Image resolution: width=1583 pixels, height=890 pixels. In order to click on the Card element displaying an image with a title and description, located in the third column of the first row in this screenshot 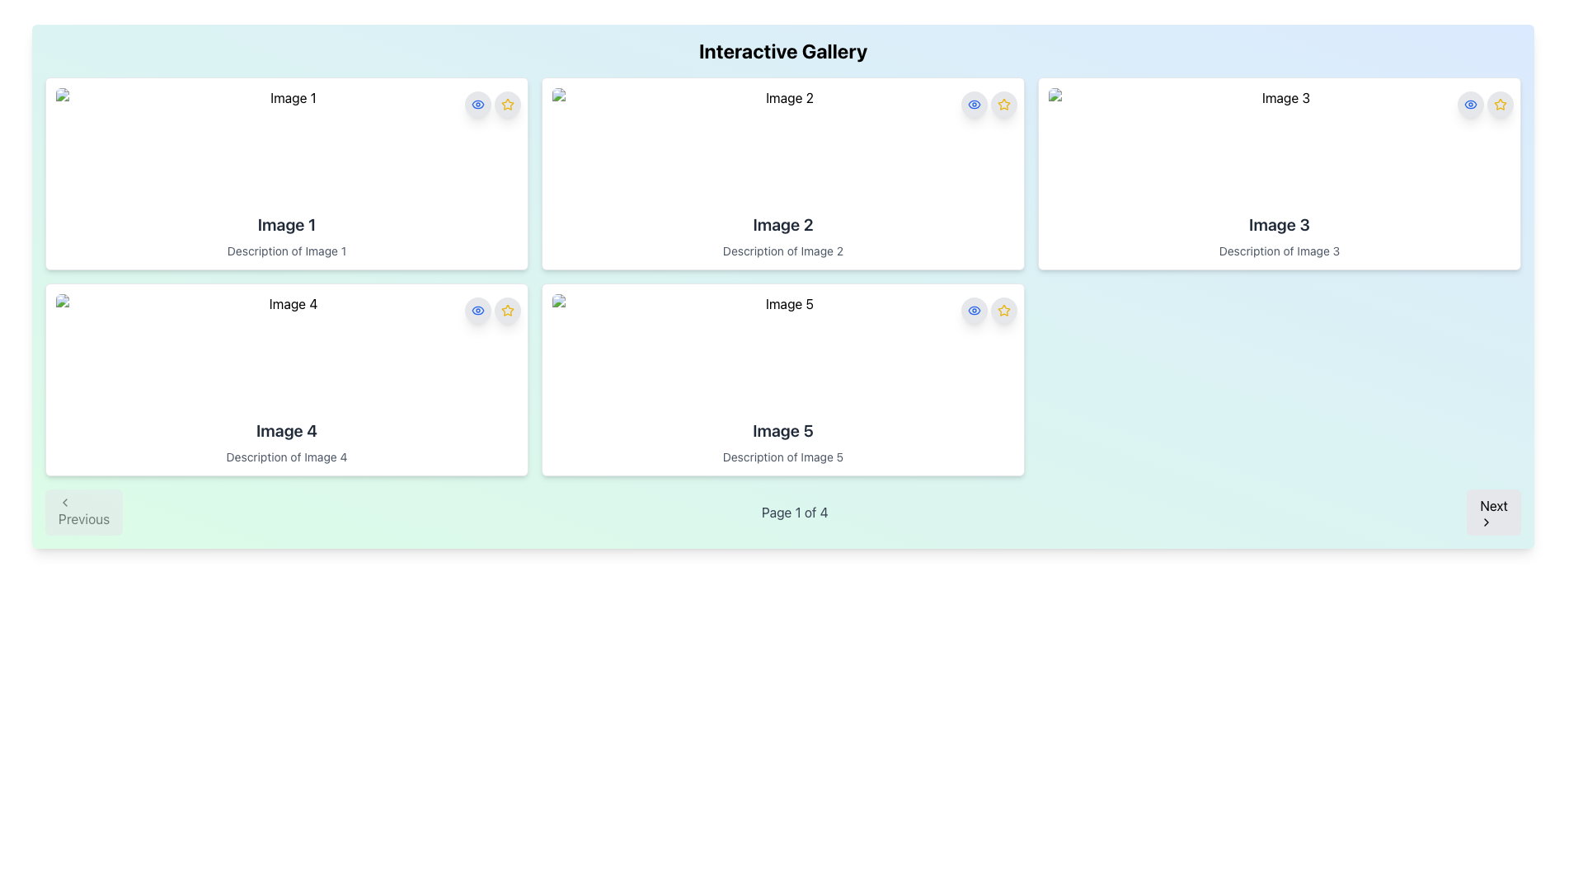, I will do `click(1278, 174)`.